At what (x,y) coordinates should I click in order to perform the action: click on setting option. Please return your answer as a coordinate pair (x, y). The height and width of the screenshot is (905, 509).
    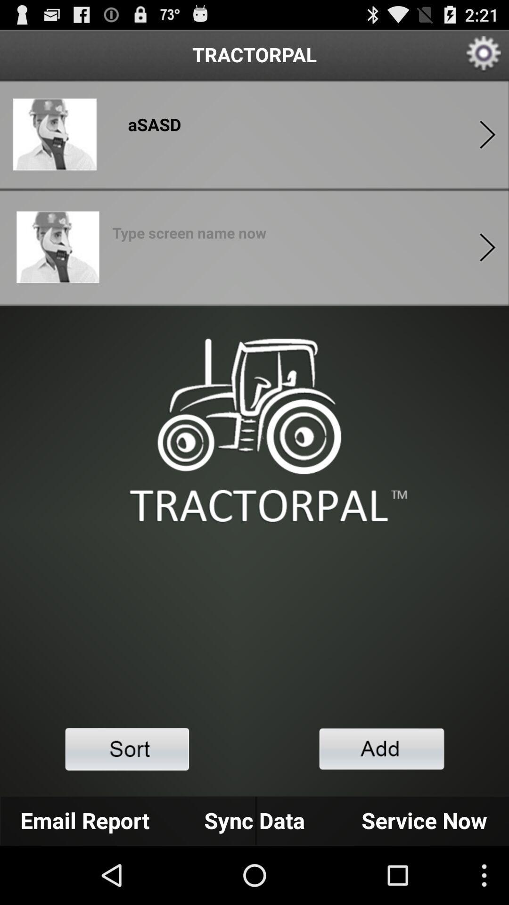
    Looking at the image, I should click on (484, 54).